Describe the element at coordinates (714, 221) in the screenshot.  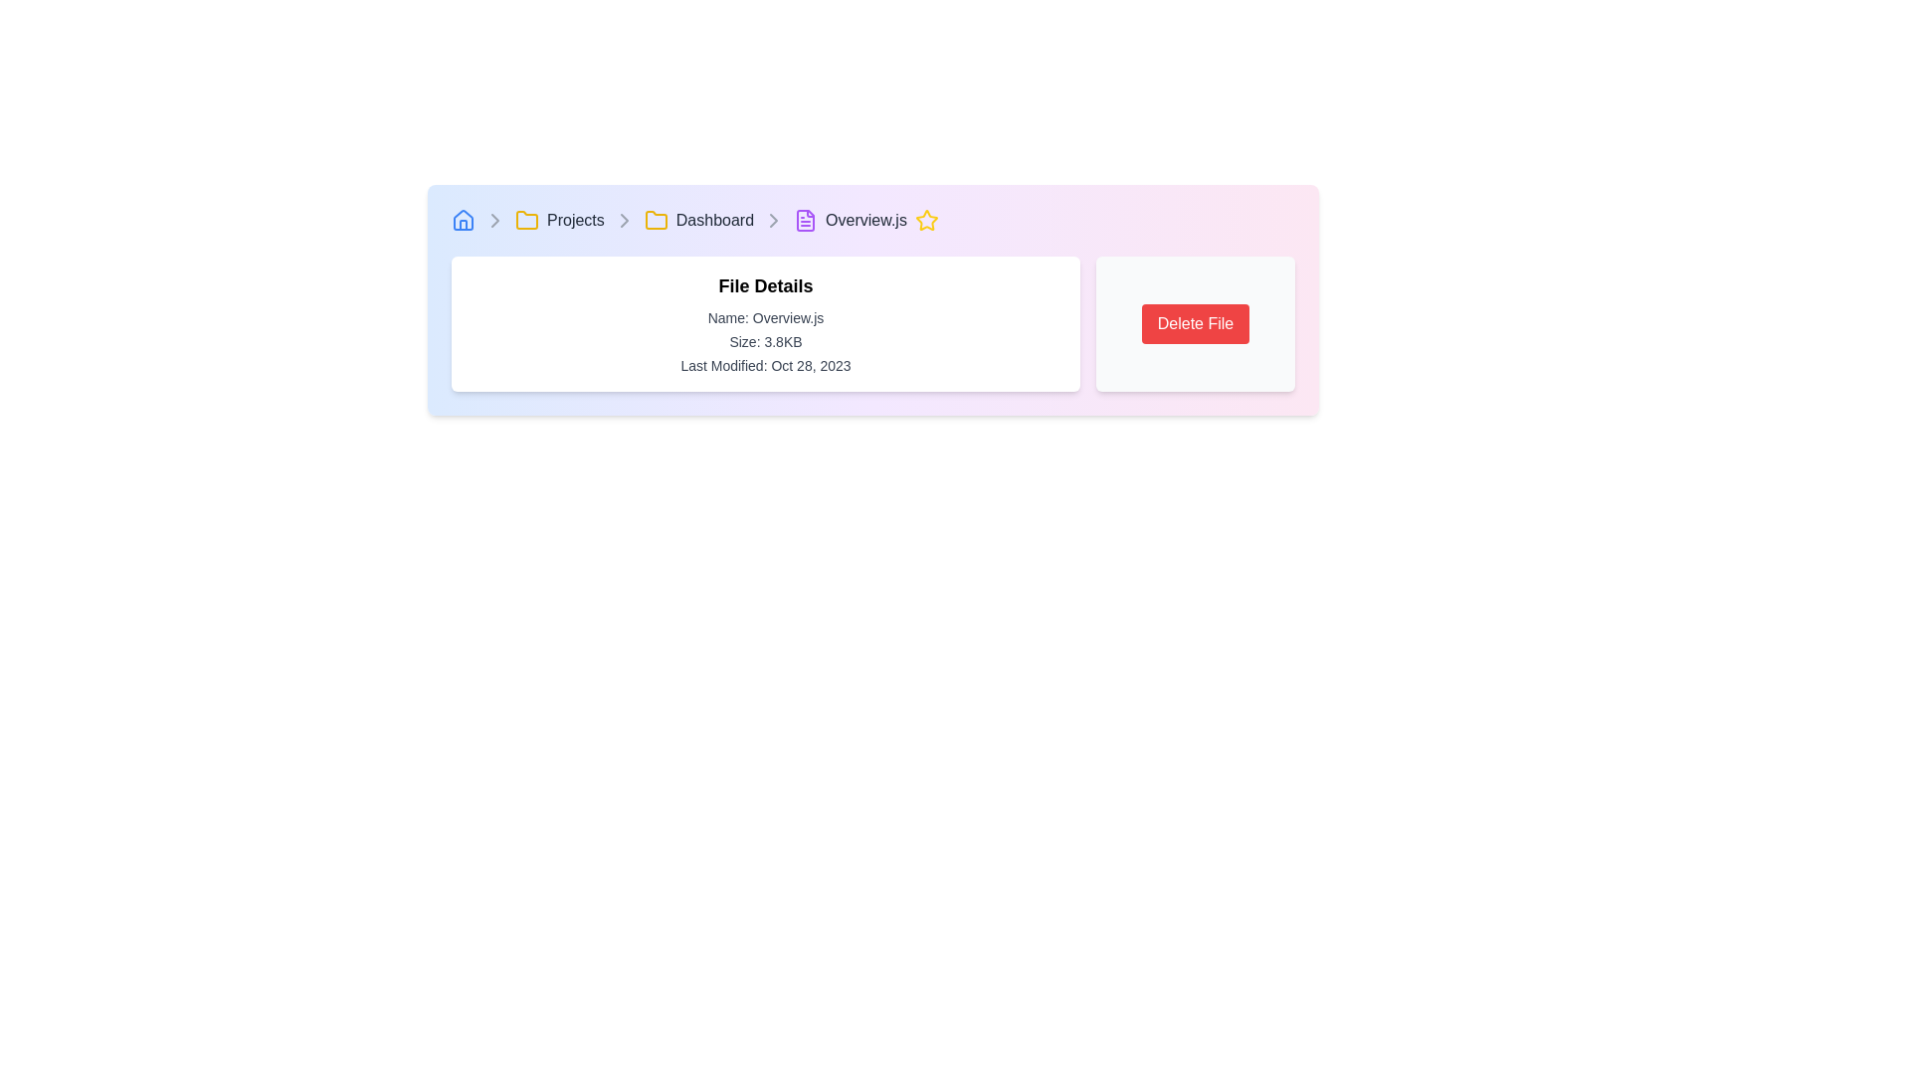
I see `the 'Dashboard' hyperlink in the breadcrumb navigation to underline the text` at that location.